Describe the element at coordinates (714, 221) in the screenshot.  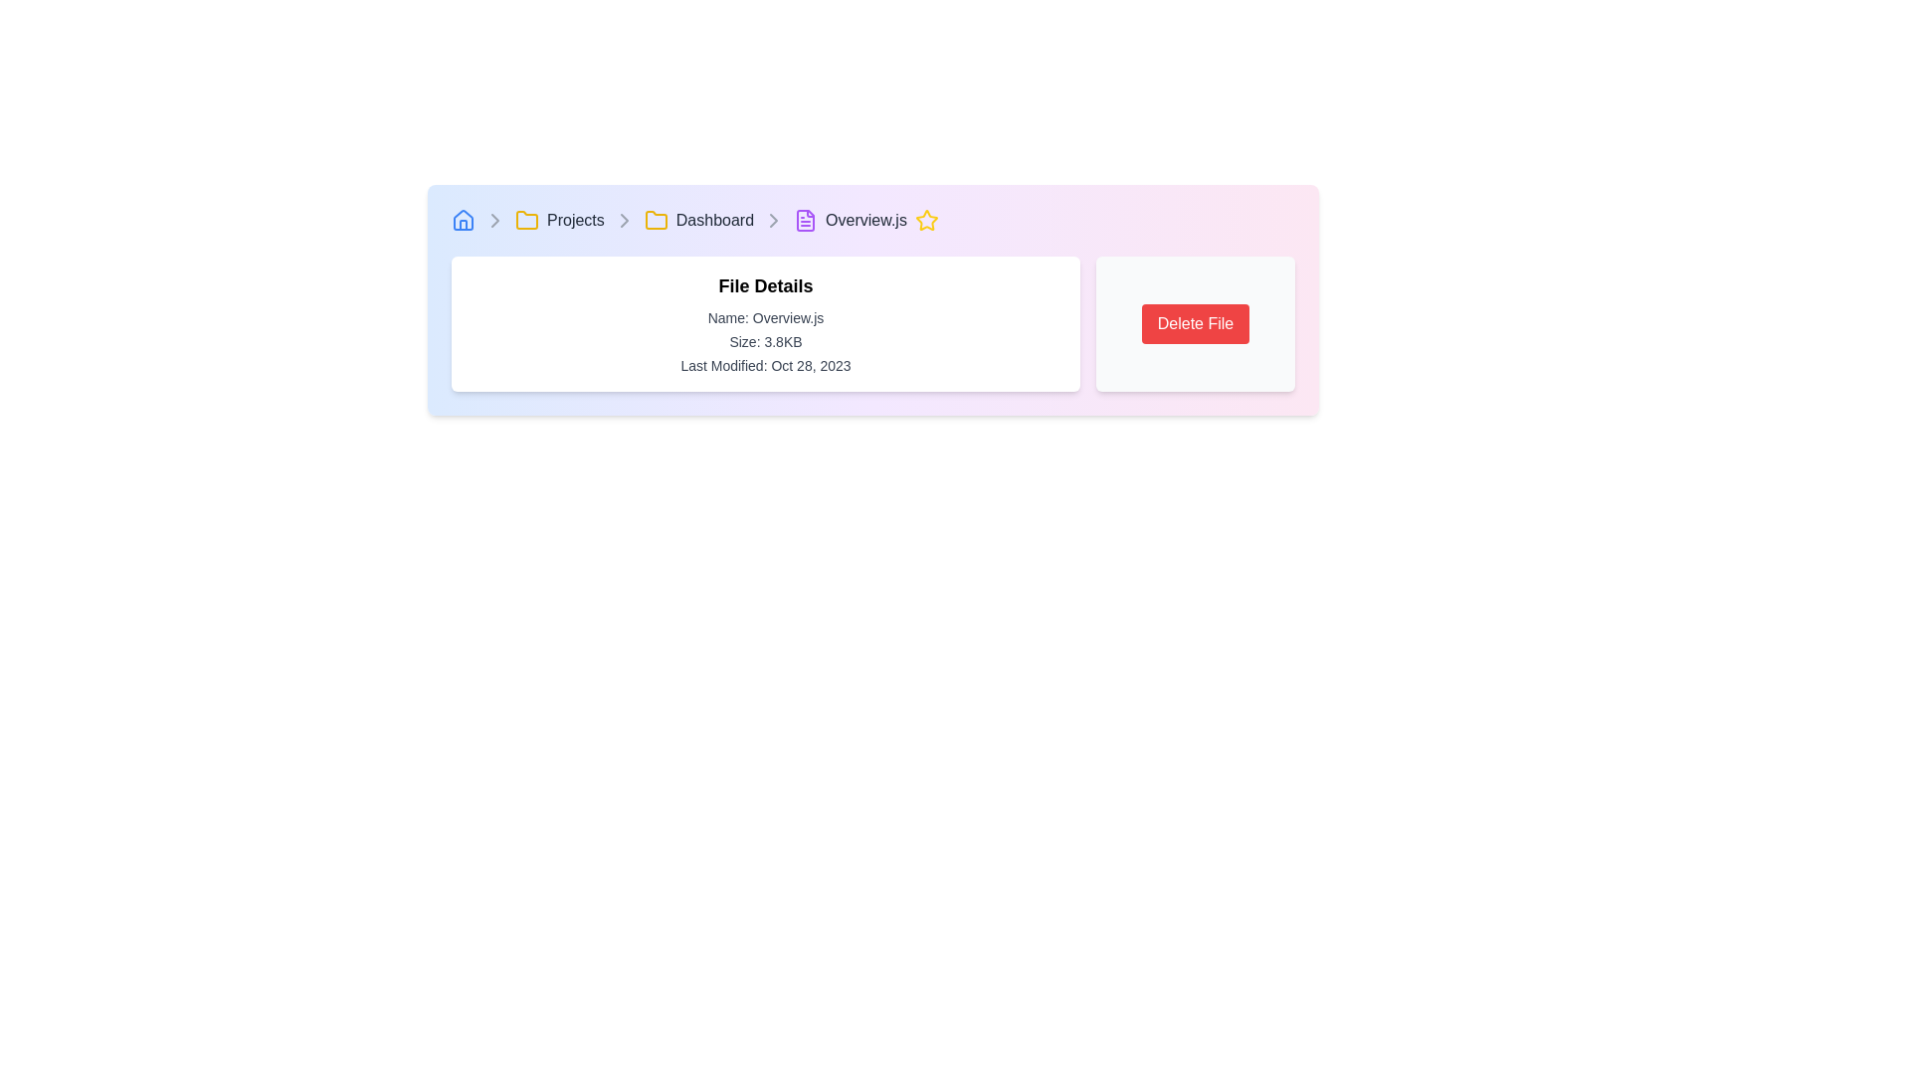
I see `the 'Dashboard' hyperlink in the breadcrumb navigation to underline the text` at that location.